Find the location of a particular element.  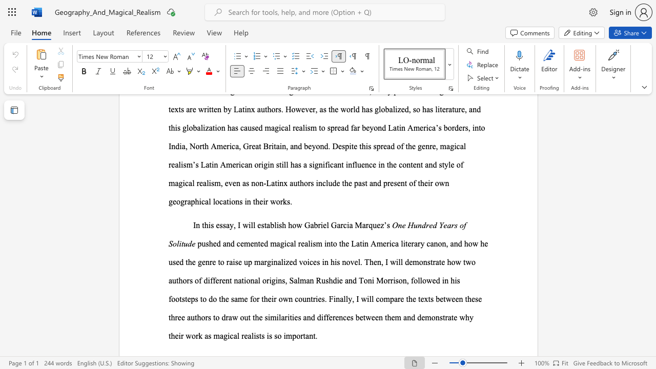

the subset text "st" within the text "demonstrate" is located at coordinates (439, 317).